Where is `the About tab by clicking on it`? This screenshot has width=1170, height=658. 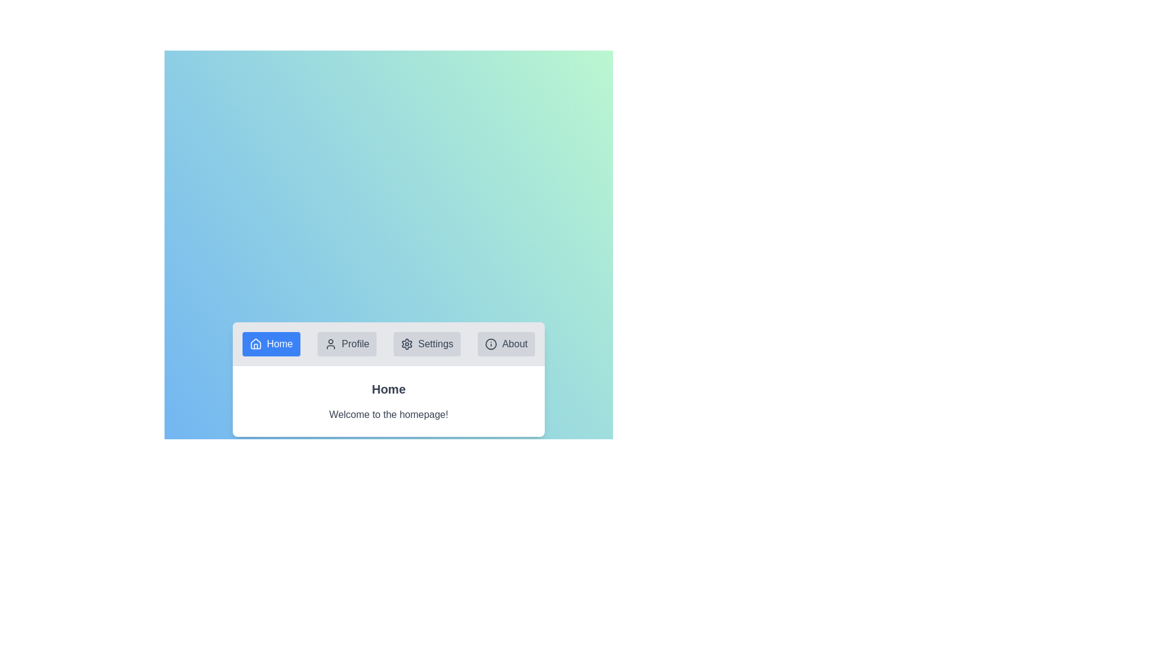
the About tab by clicking on it is located at coordinates (506, 344).